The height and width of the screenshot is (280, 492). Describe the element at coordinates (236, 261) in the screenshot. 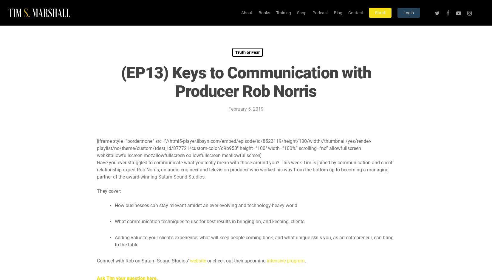

I see `'or check out their upcoming'` at that location.